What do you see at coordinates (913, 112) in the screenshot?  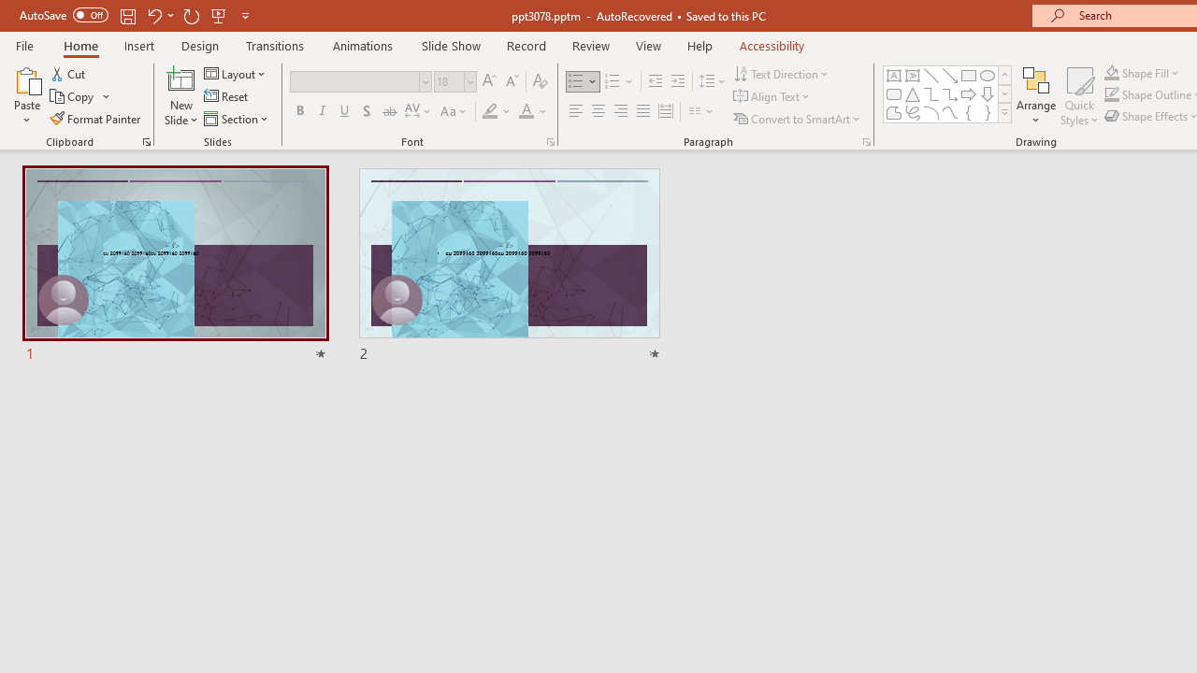 I see `'Freeform: Scribble'` at bounding box center [913, 112].